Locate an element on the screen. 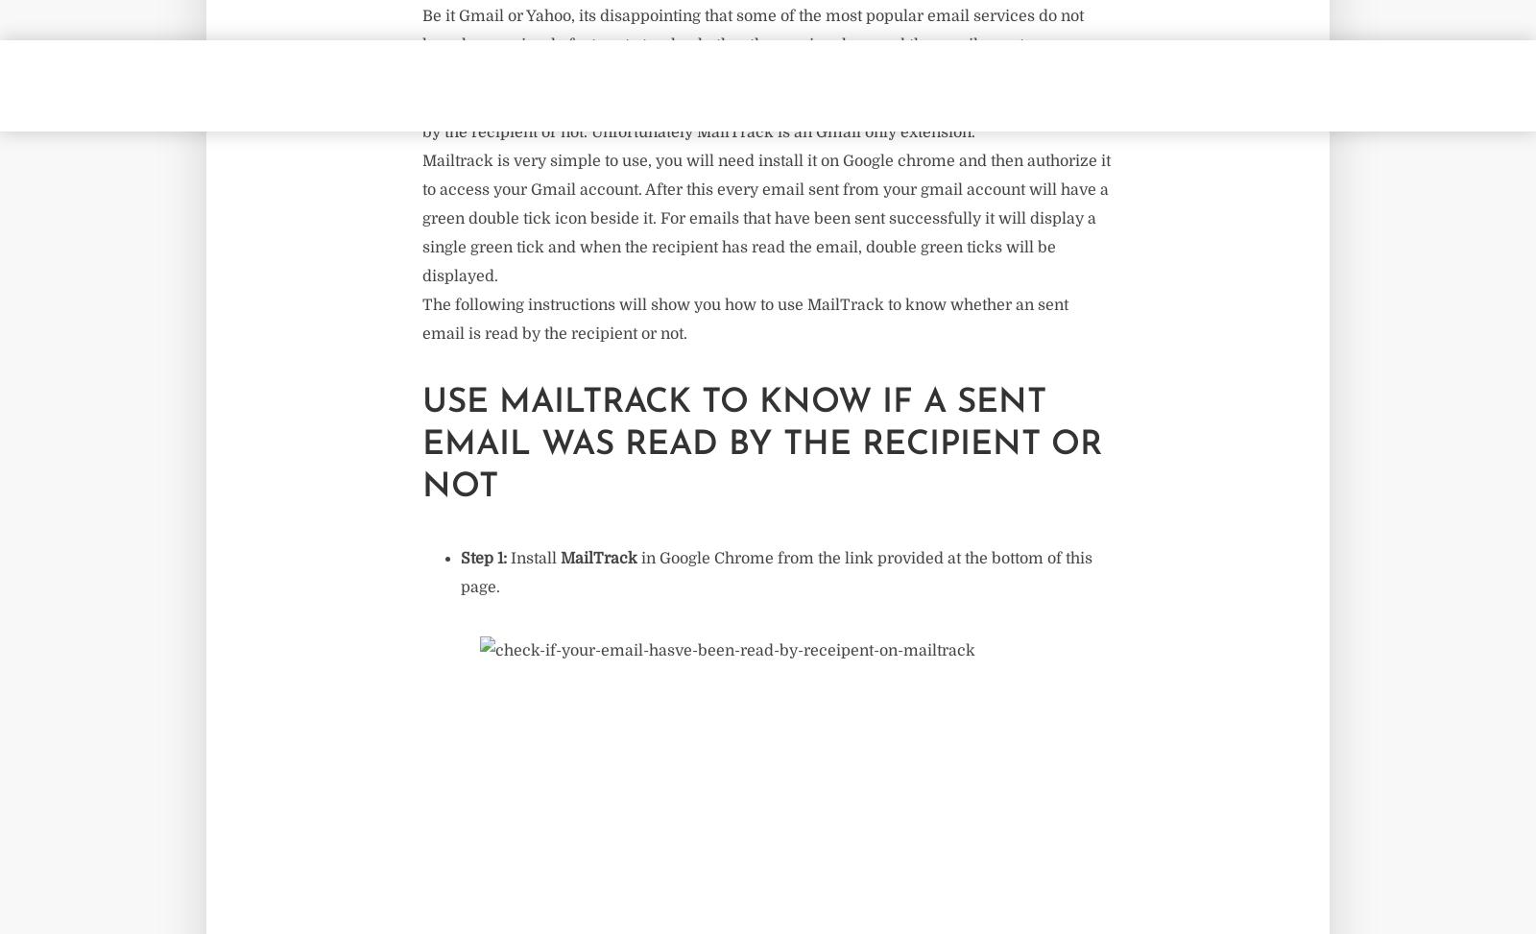 This screenshot has width=1536, height=934. 'July 1, 2014' is located at coordinates (296, 95).